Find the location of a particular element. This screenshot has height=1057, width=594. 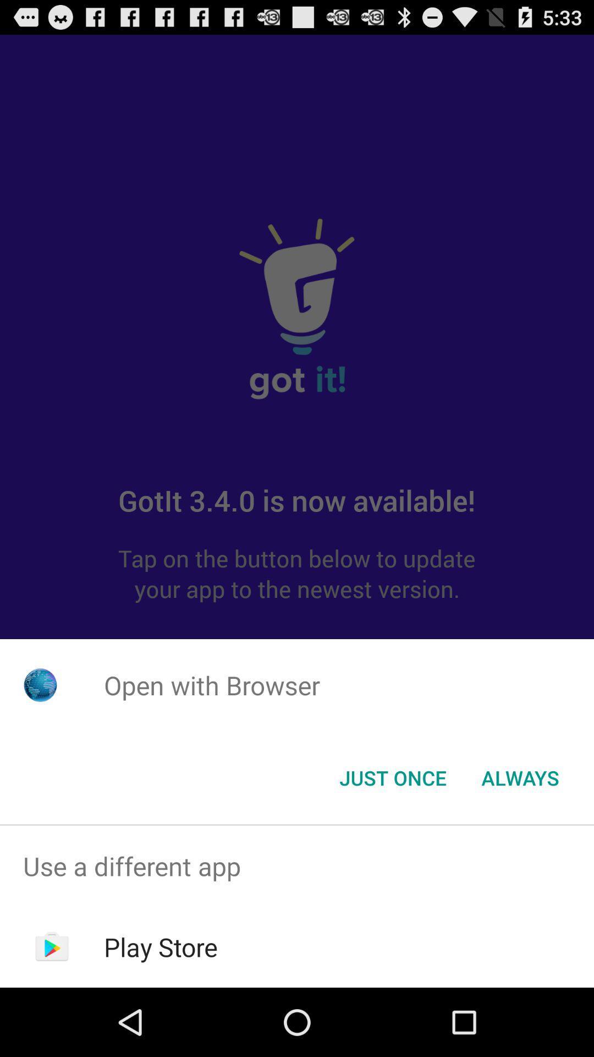

icon next to the always icon is located at coordinates (392, 777).